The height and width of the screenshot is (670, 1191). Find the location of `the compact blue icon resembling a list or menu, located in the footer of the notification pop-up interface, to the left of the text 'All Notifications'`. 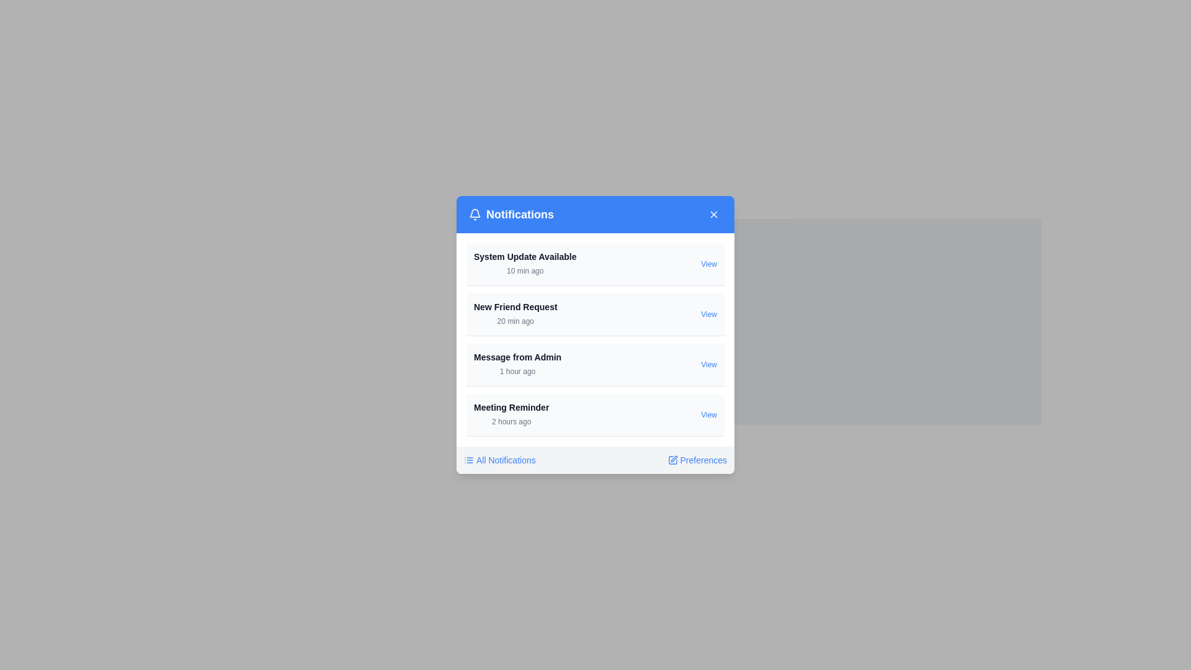

the compact blue icon resembling a list or menu, located in the footer of the notification pop-up interface, to the left of the text 'All Notifications' is located at coordinates (468, 460).